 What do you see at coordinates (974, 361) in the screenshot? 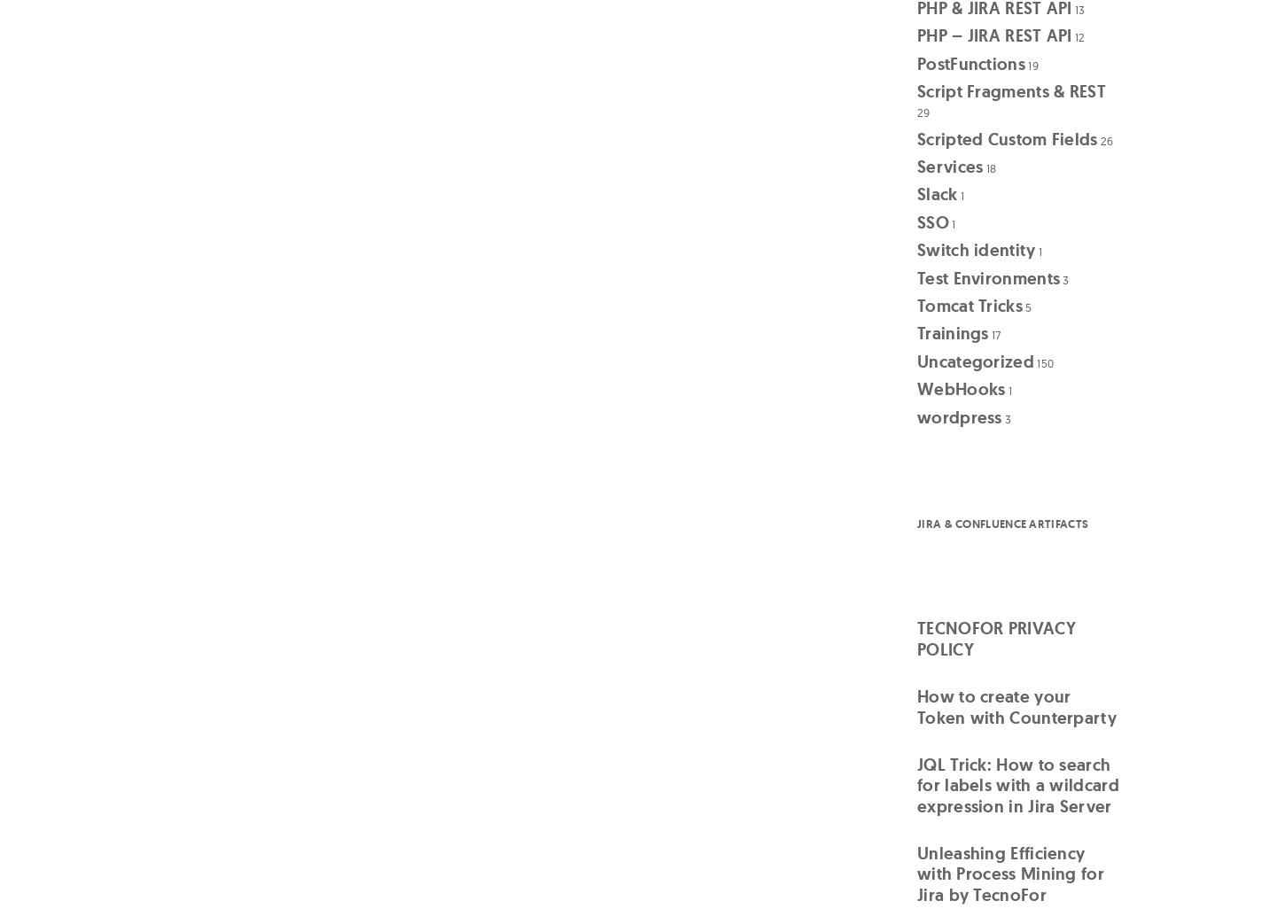
I see `'Uncategorized'` at bounding box center [974, 361].